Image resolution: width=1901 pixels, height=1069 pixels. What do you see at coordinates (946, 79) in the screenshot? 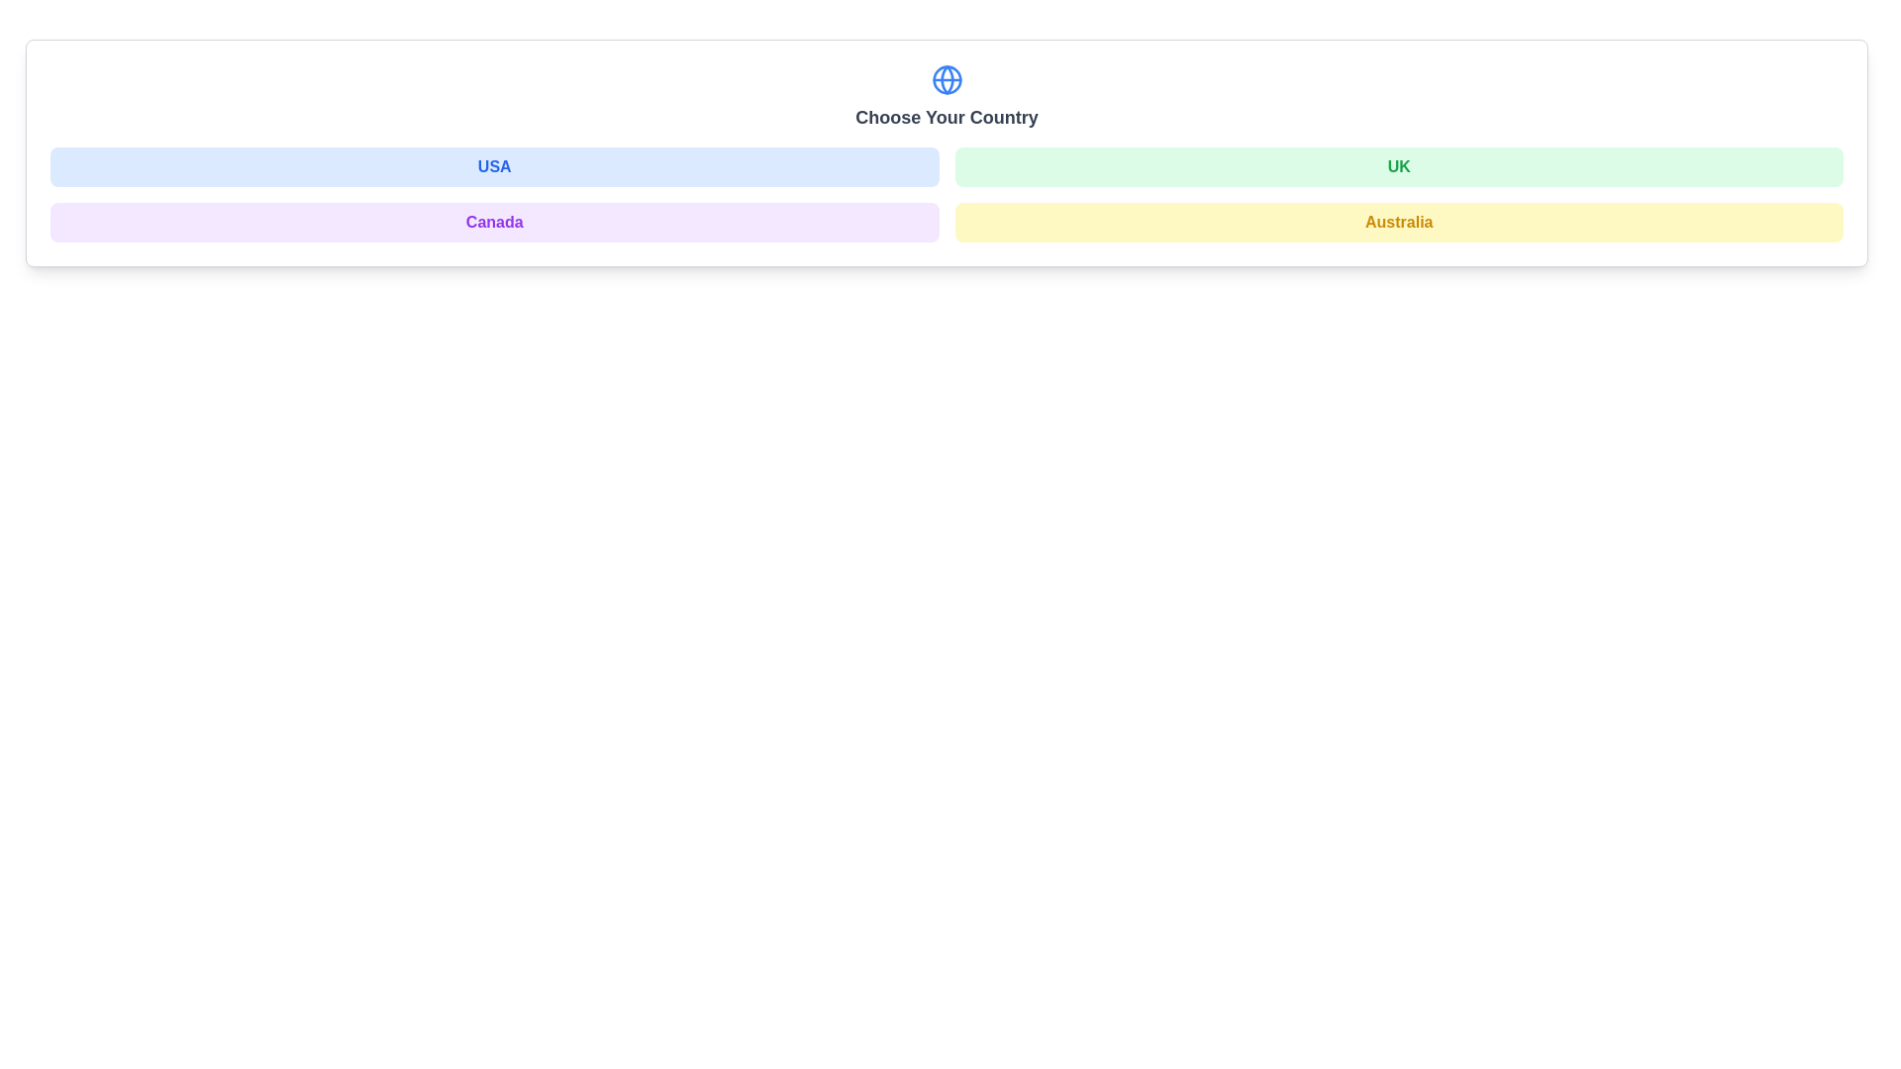
I see `the decorative SVG circle element that represents a globe icon, positioned above the 'Choose Your Country' text` at bounding box center [946, 79].